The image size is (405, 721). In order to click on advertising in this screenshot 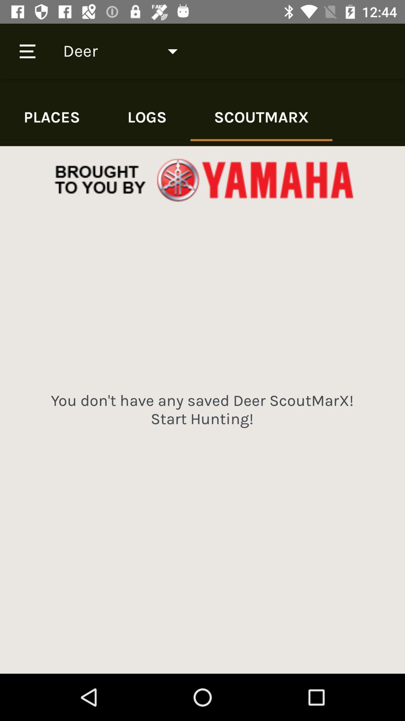, I will do `click(202, 181)`.